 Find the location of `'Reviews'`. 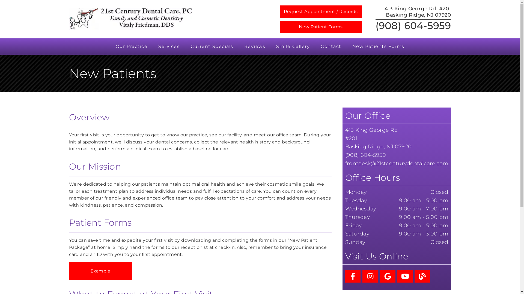

'Reviews' is located at coordinates (254, 46).